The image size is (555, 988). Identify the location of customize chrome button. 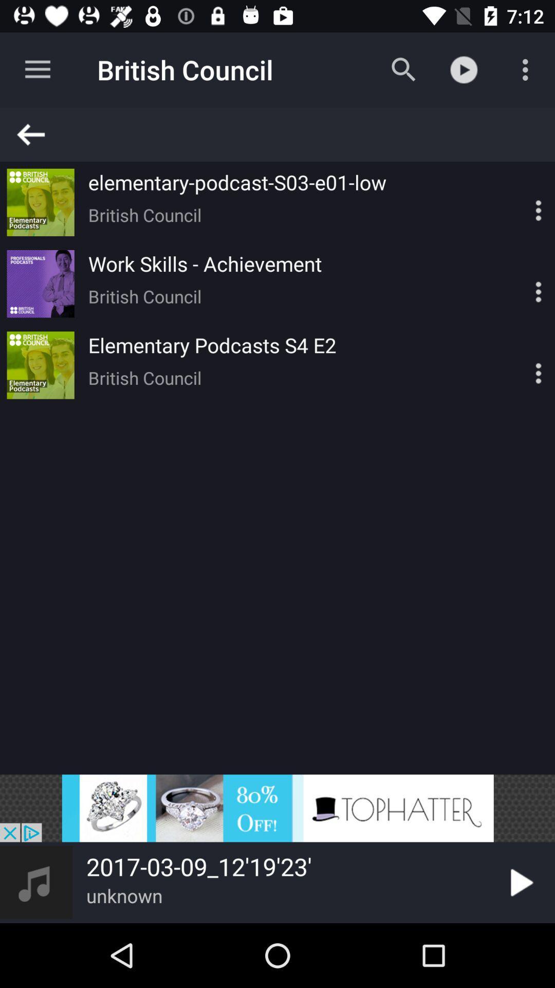
(521, 284).